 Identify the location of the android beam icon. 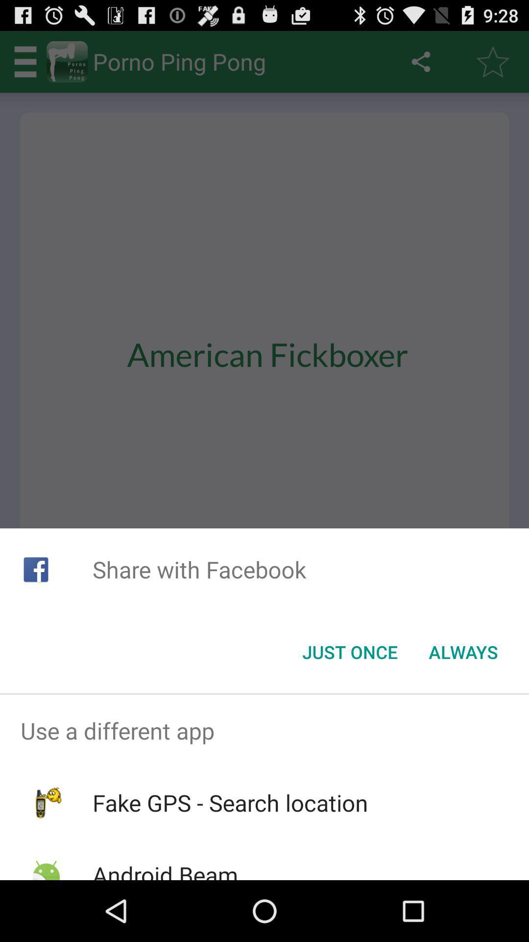
(165, 869).